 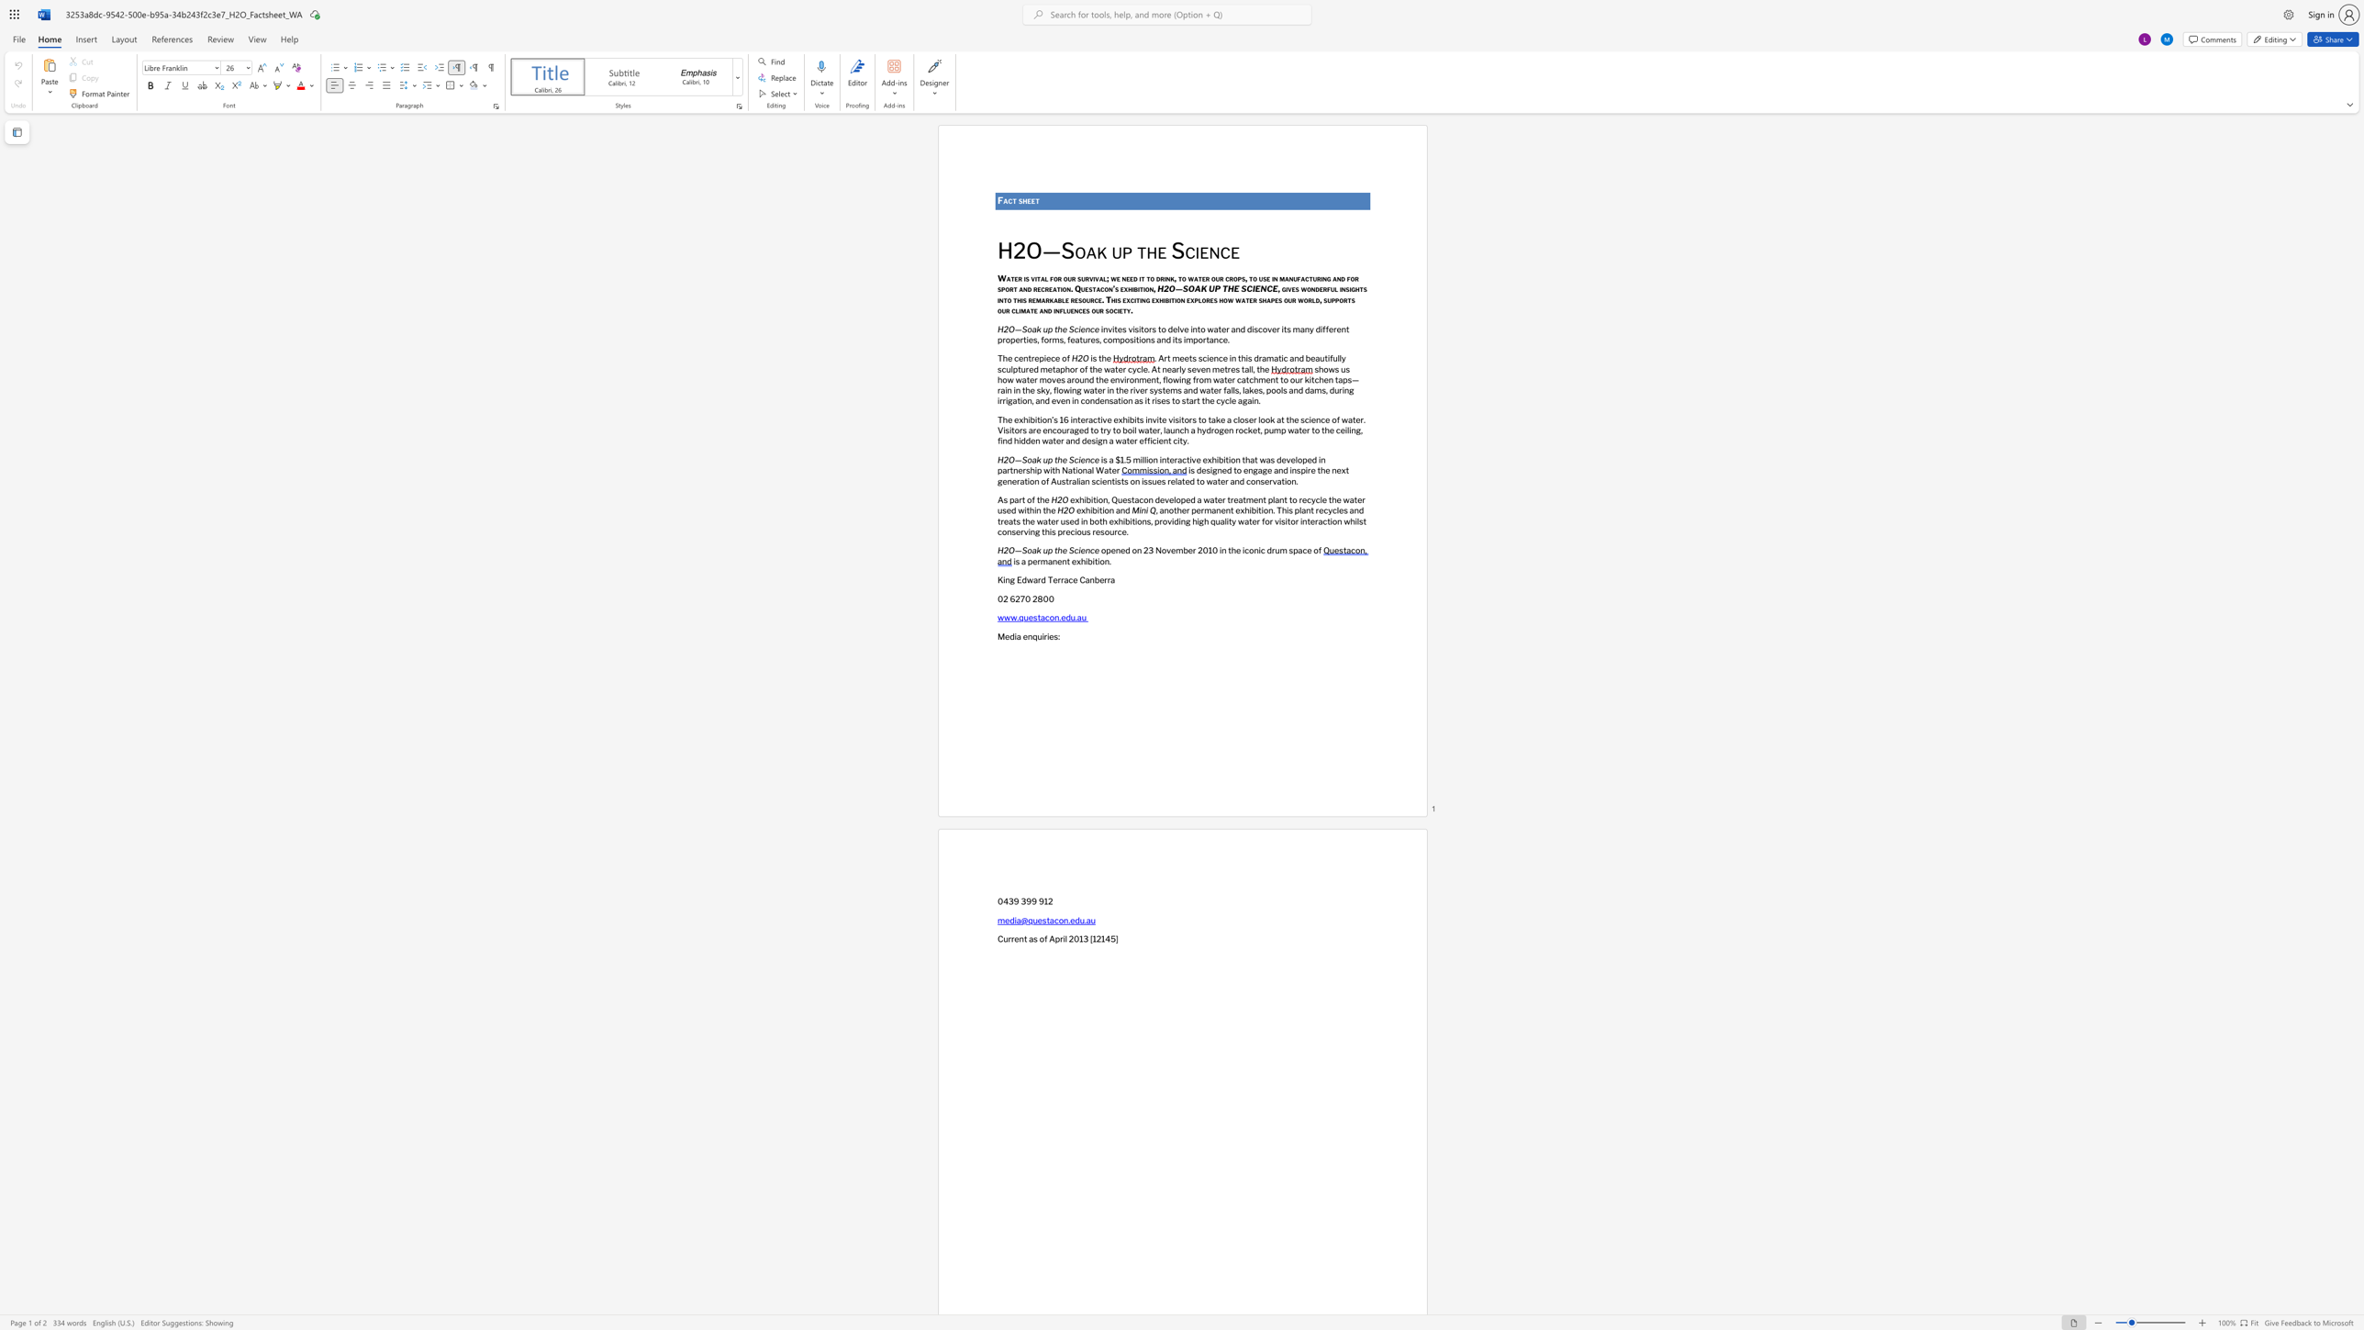 What do you see at coordinates (1168, 289) in the screenshot?
I see `the space between the continuous character "2" and "O" in the text` at bounding box center [1168, 289].